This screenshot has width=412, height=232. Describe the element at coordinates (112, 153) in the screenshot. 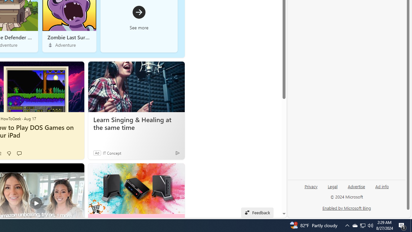

I see `'IT Concept'` at that location.